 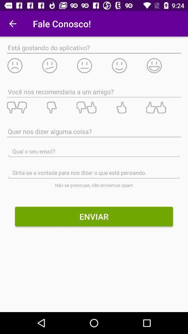 What do you see at coordinates (163, 108) in the screenshot?
I see `two thumbs up` at bounding box center [163, 108].